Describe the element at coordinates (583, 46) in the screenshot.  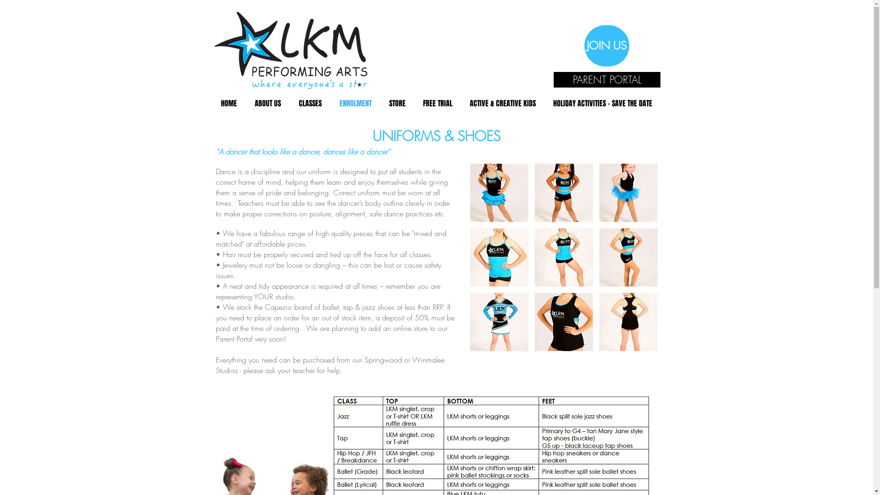
I see `'JOIN US'` at that location.